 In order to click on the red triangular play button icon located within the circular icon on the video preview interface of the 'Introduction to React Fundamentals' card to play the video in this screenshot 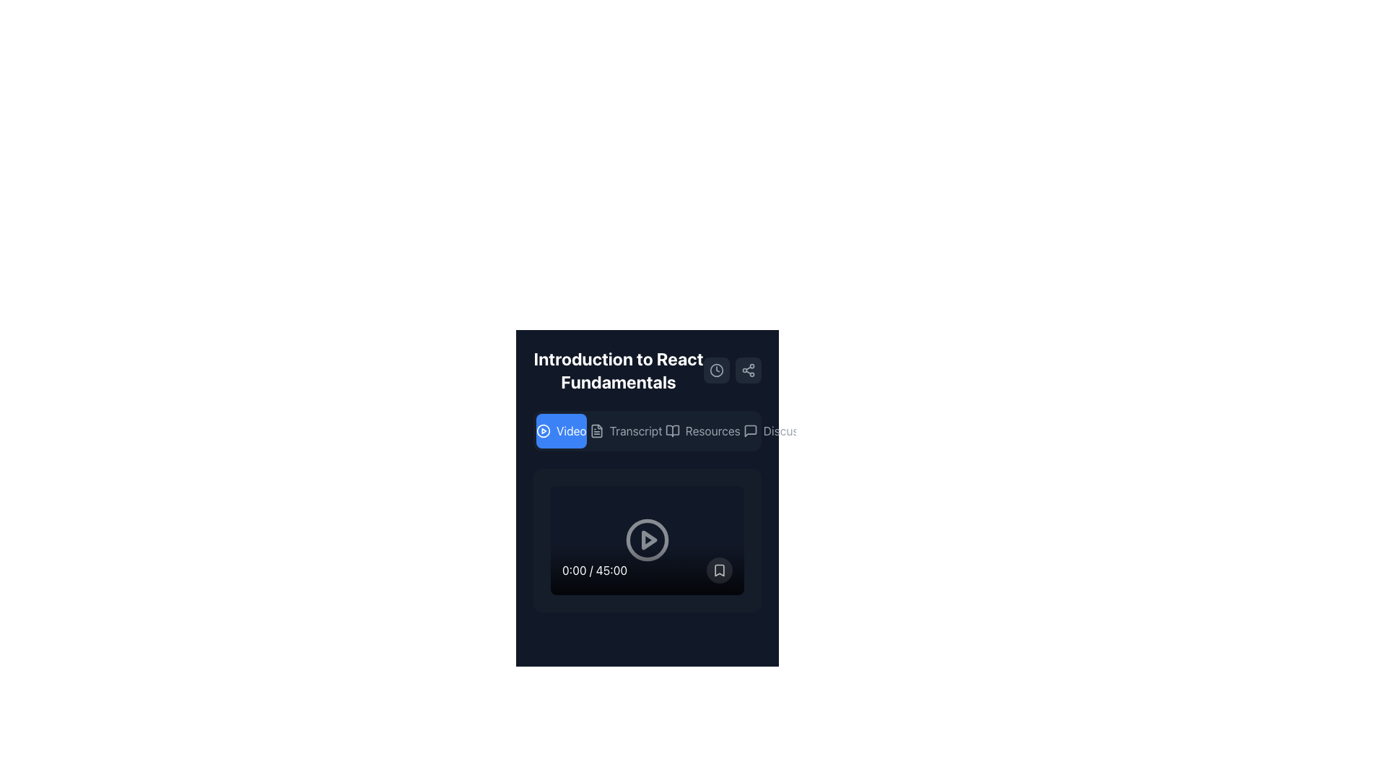, I will do `click(648, 540)`.